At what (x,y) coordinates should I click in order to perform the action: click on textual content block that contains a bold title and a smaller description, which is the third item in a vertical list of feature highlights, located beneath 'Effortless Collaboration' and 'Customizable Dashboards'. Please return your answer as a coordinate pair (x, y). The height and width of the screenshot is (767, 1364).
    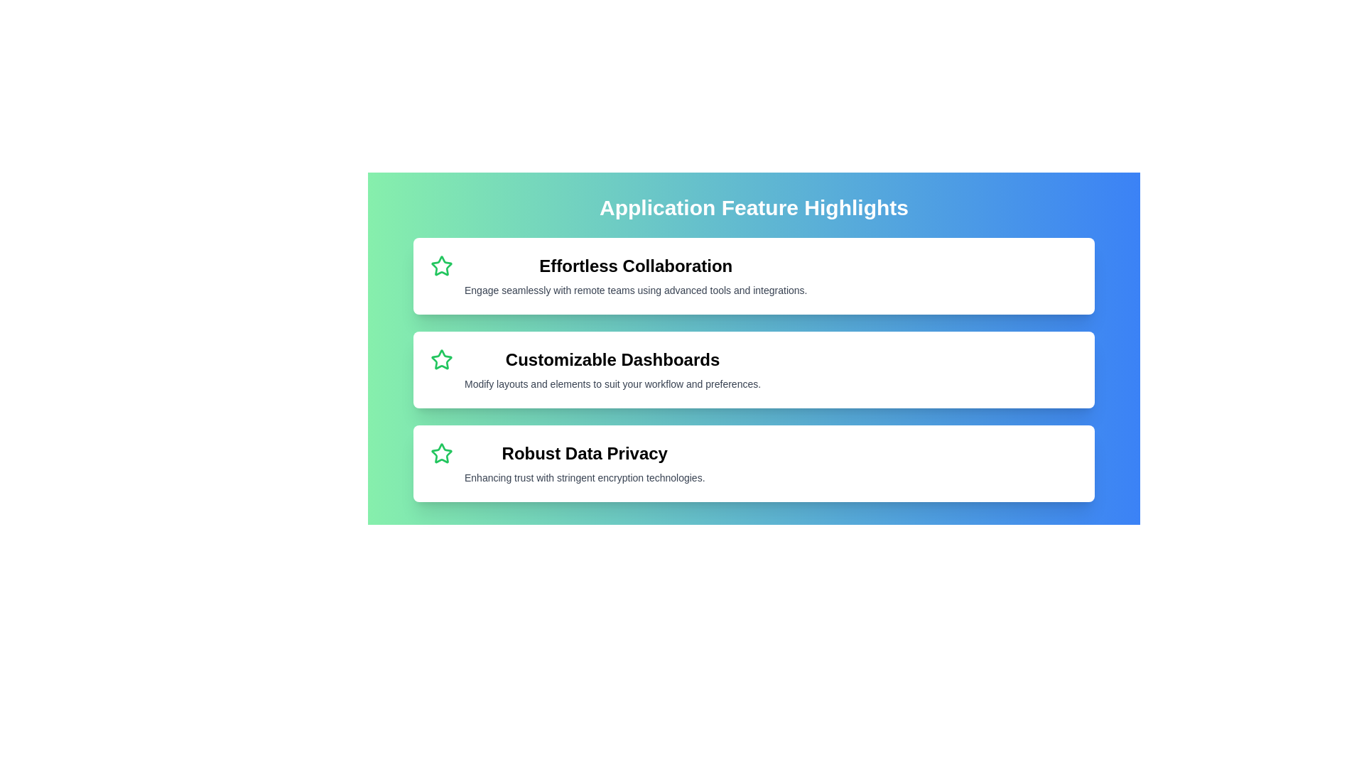
    Looking at the image, I should click on (585, 463).